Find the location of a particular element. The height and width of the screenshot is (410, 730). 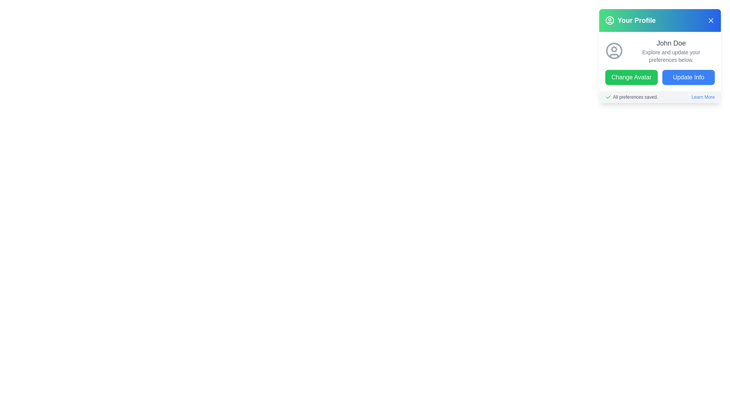

informational text block positioned directly below the heading 'John Doe', which provides guidance on updating profile preferences is located at coordinates (671, 55).